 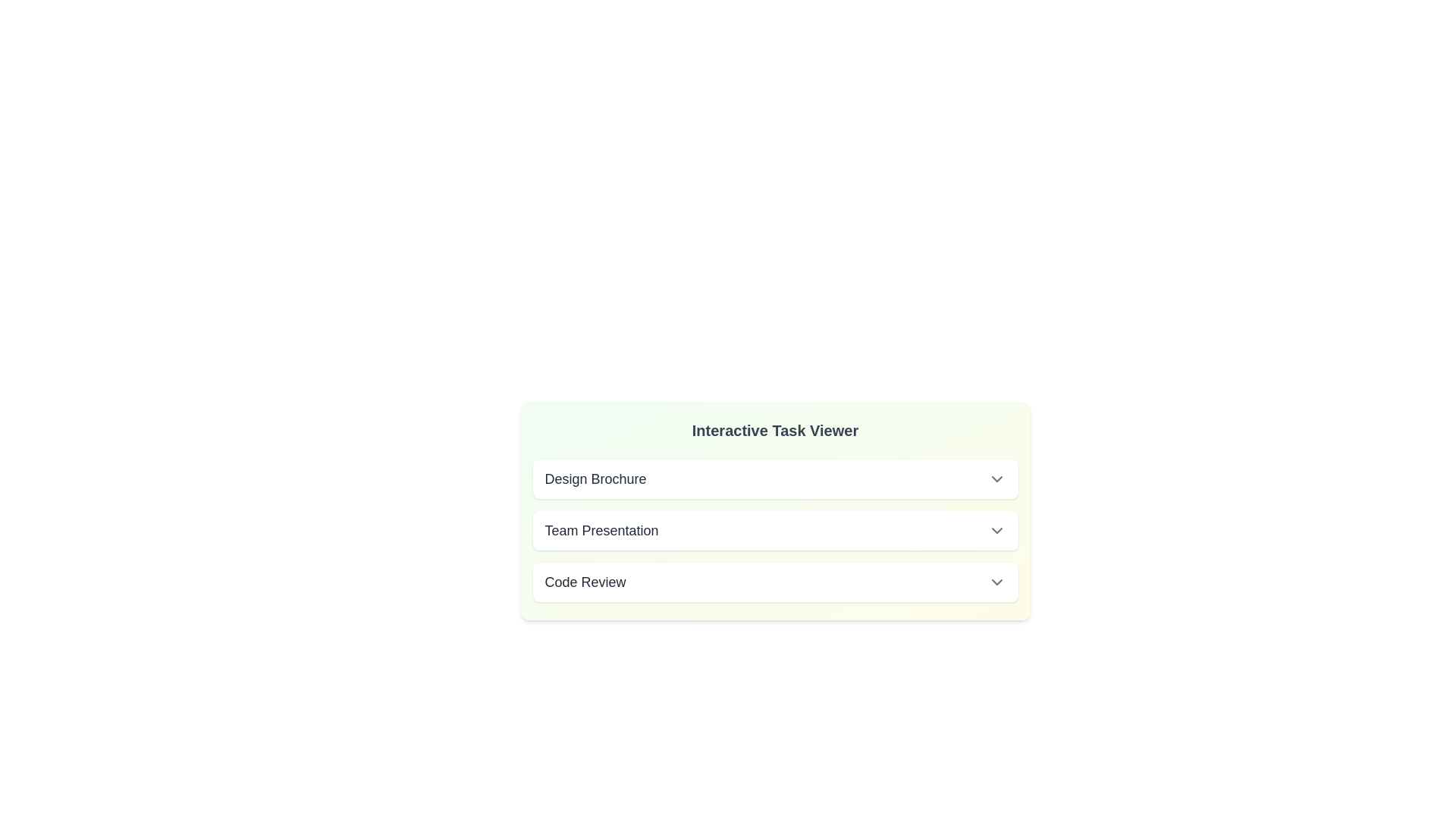 I want to click on the chevron icon of the task Code Review to toggle its details, so click(x=996, y=581).